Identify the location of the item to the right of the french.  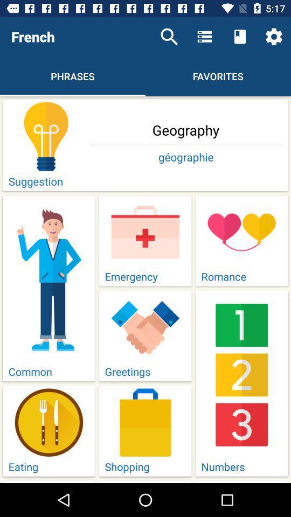
(169, 37).